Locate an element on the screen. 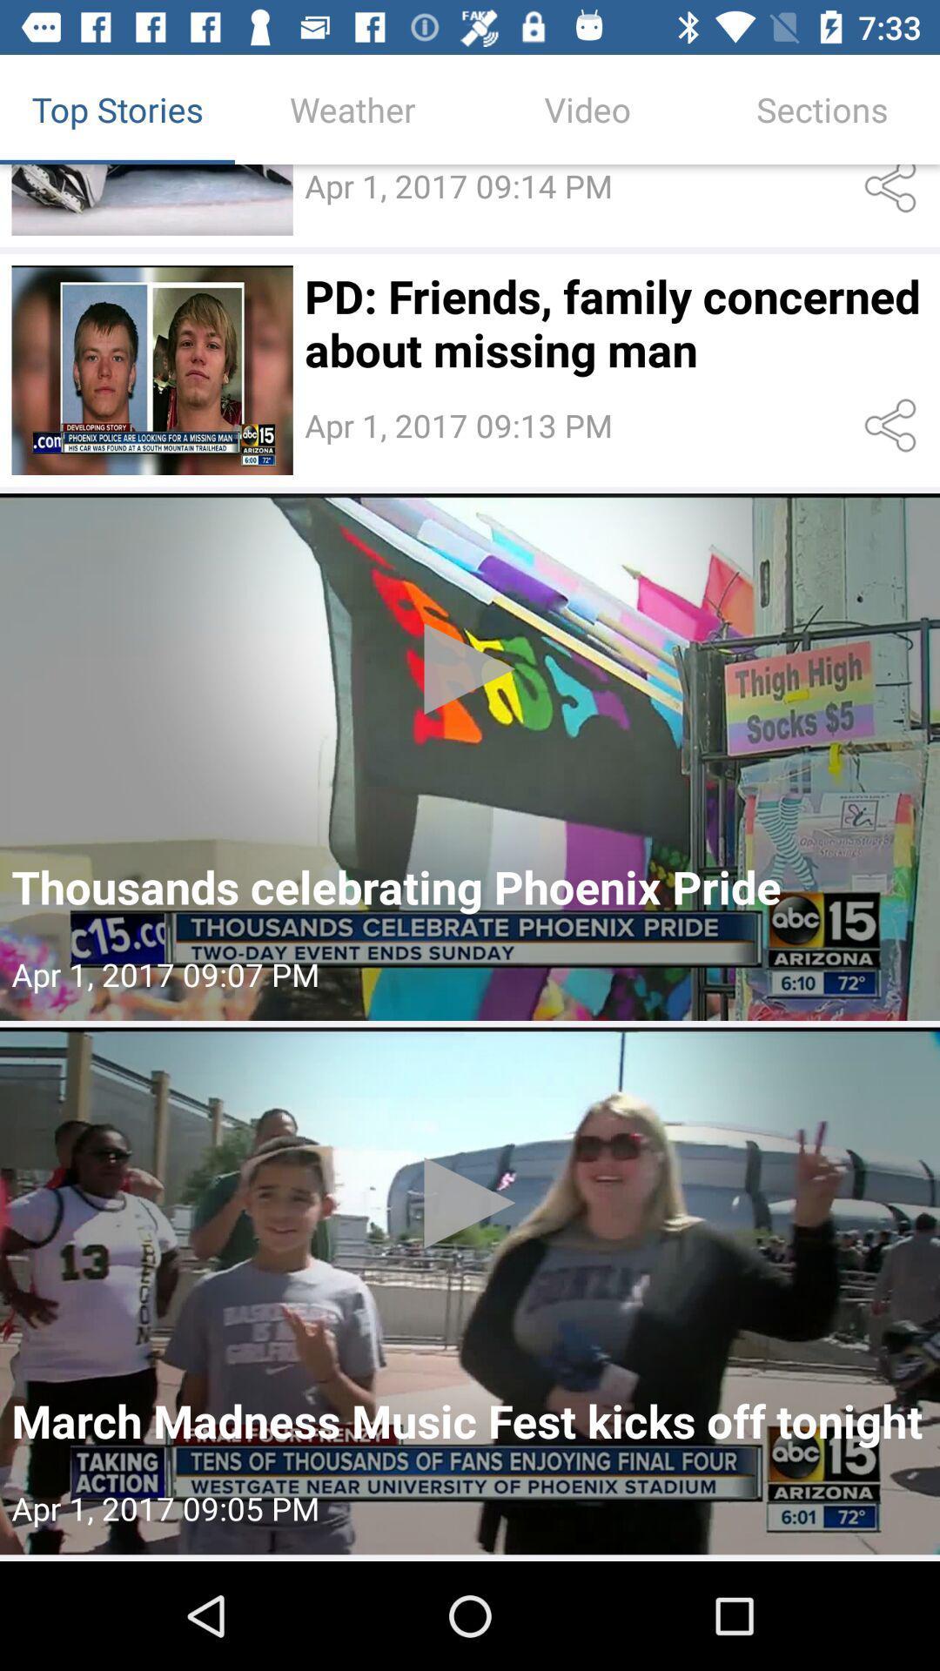 The image size is (940, 1671). be redirected to an article about a man missing is located at coordinates (151, 369).